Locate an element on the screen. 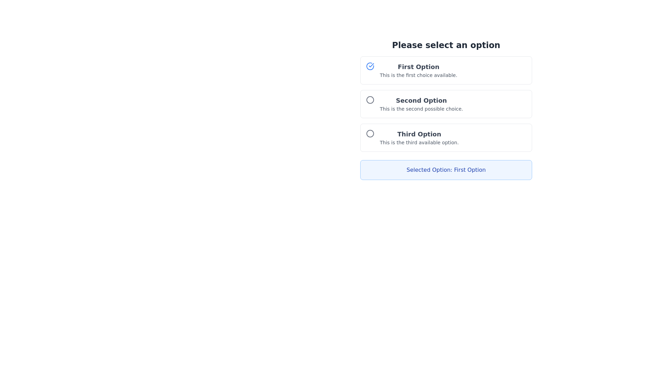  the text label providing additional descriptive information about the 'Second Option', positioned below its title in a vertically aligned list of choices is located at coordinates (421, 108).